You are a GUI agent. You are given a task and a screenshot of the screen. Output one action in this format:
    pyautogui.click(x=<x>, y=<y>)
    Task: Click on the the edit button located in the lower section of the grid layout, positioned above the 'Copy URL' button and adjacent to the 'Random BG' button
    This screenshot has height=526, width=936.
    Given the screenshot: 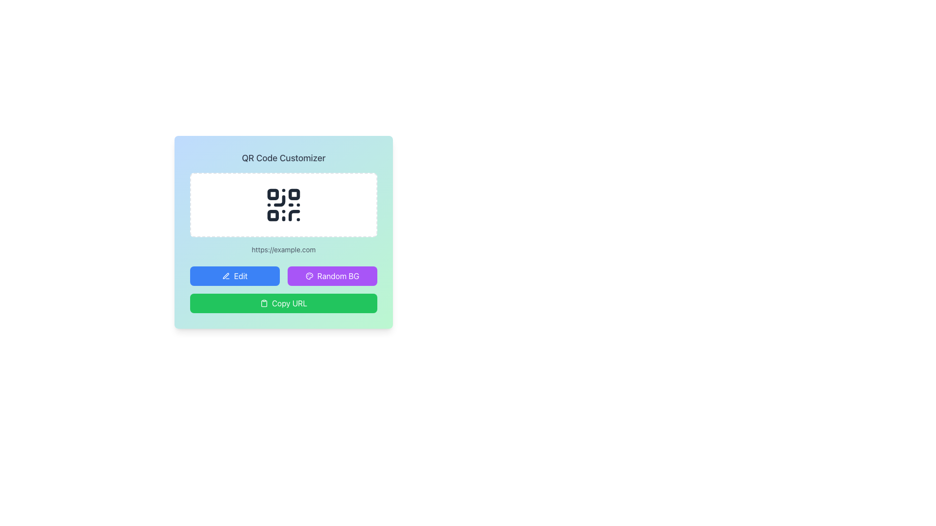 What is the action you would take?
    pyautogui.click(x=234, y=276)
    